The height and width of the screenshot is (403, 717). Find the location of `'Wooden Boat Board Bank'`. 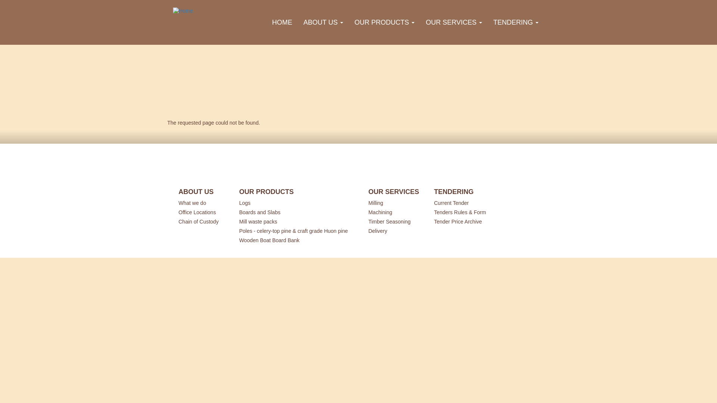

'Wooden Boat Board Bank' is located at coordinates (238, 240).